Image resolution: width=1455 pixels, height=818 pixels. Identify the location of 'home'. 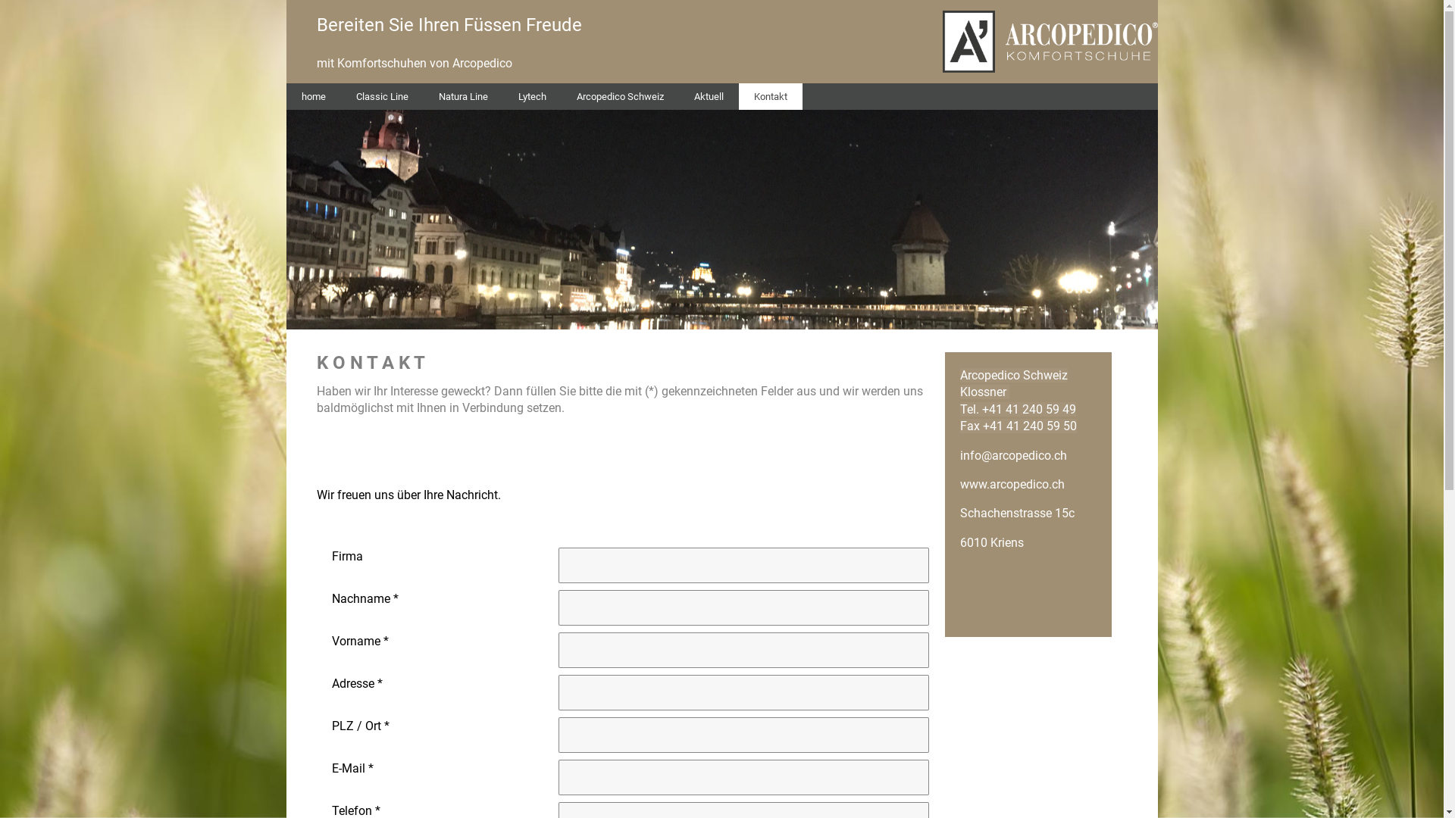
(312, 96).